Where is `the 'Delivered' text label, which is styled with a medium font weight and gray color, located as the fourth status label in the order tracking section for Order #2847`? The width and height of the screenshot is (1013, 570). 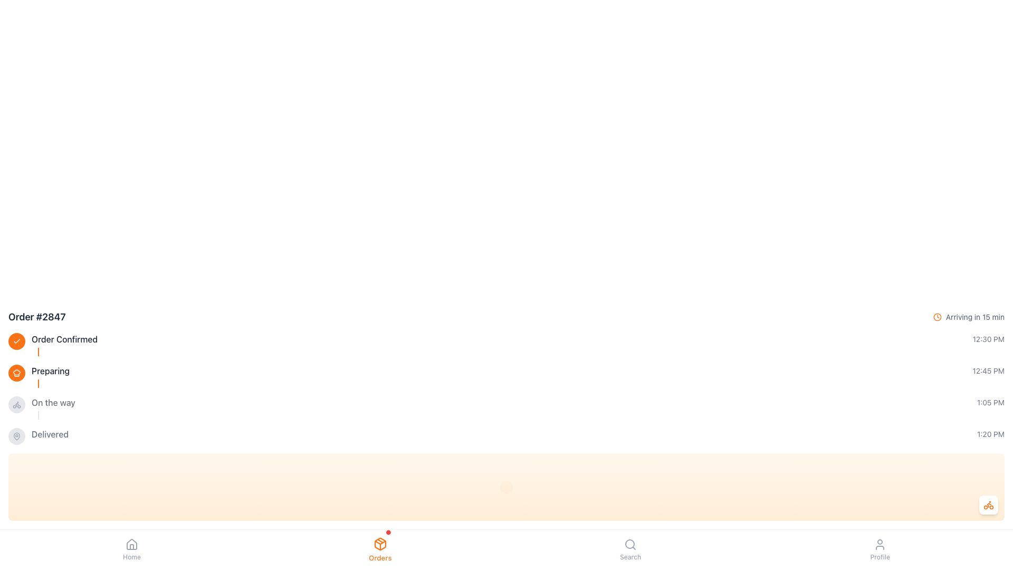 the 'Delivered' text label, which is styled with a medium font weight and gray color, located as the fourth status label in the order tracking section for Order #2847 is located at coordinates (50, 434).